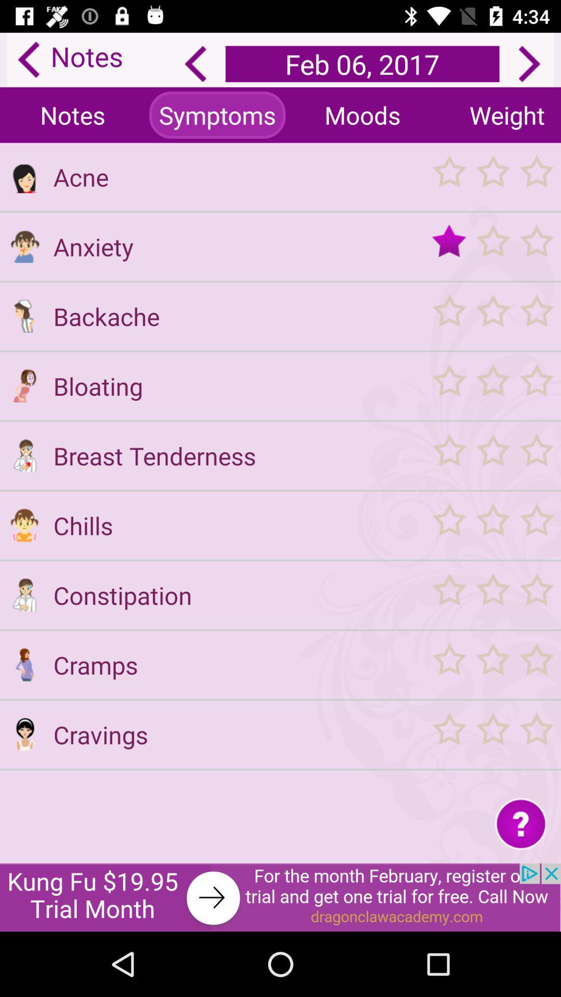 The image size is (561, 997). Describe the element at coordinates (492, 455) in the screenshot. I see `rate` at that location.